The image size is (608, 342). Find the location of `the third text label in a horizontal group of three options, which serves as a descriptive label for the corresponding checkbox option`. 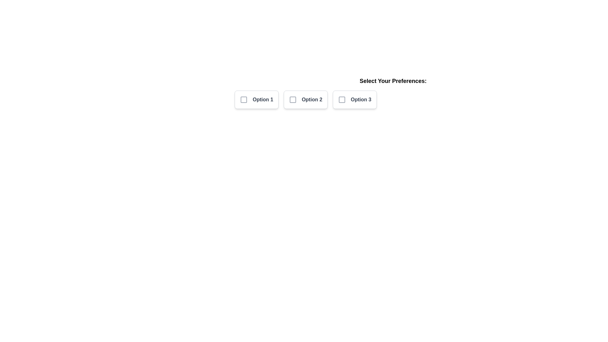

the third text label in a horizontal group of three options, which serves as a descriptive label for the corresponding checkbox option is located at coordinates (361, 100).